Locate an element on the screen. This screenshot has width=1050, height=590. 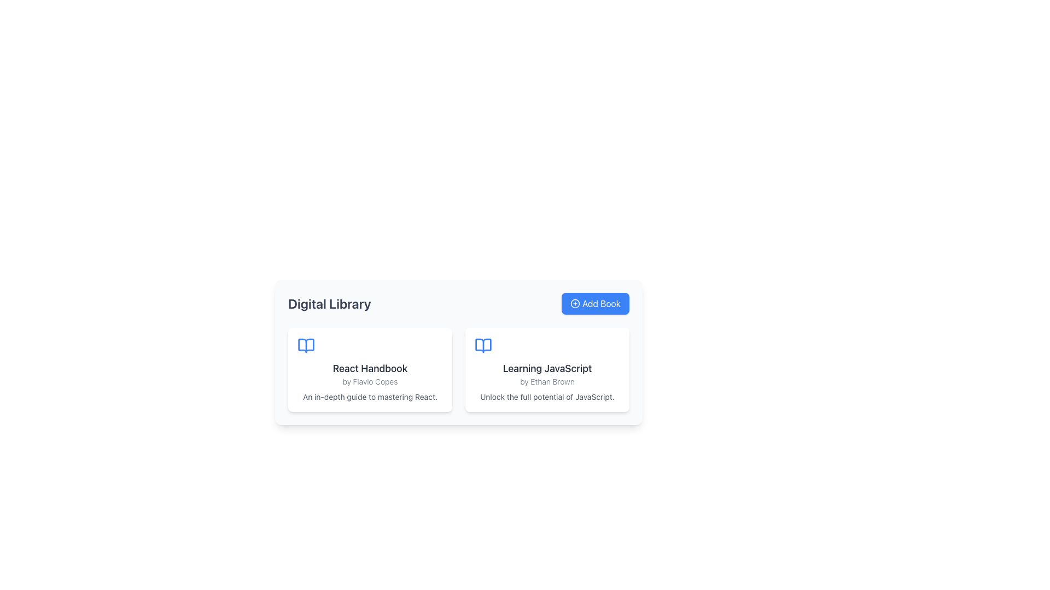
the open book vector graphic icon located in the second card of the Digital Library section, positioned to the left of the 'Learning JavaScript' title and above the author name 'by Ethan Brown' is located at coordinates (482, 345).